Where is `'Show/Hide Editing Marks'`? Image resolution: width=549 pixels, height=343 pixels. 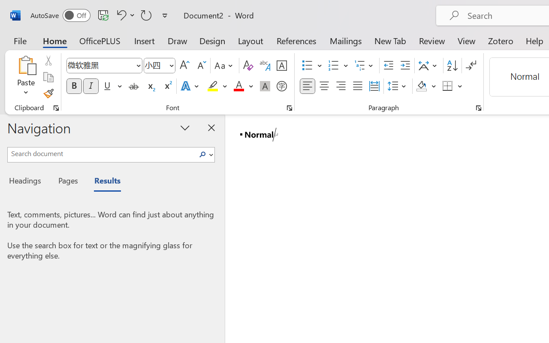 'Show/Hide Editing Marks' is located at coordinates (471, 66).